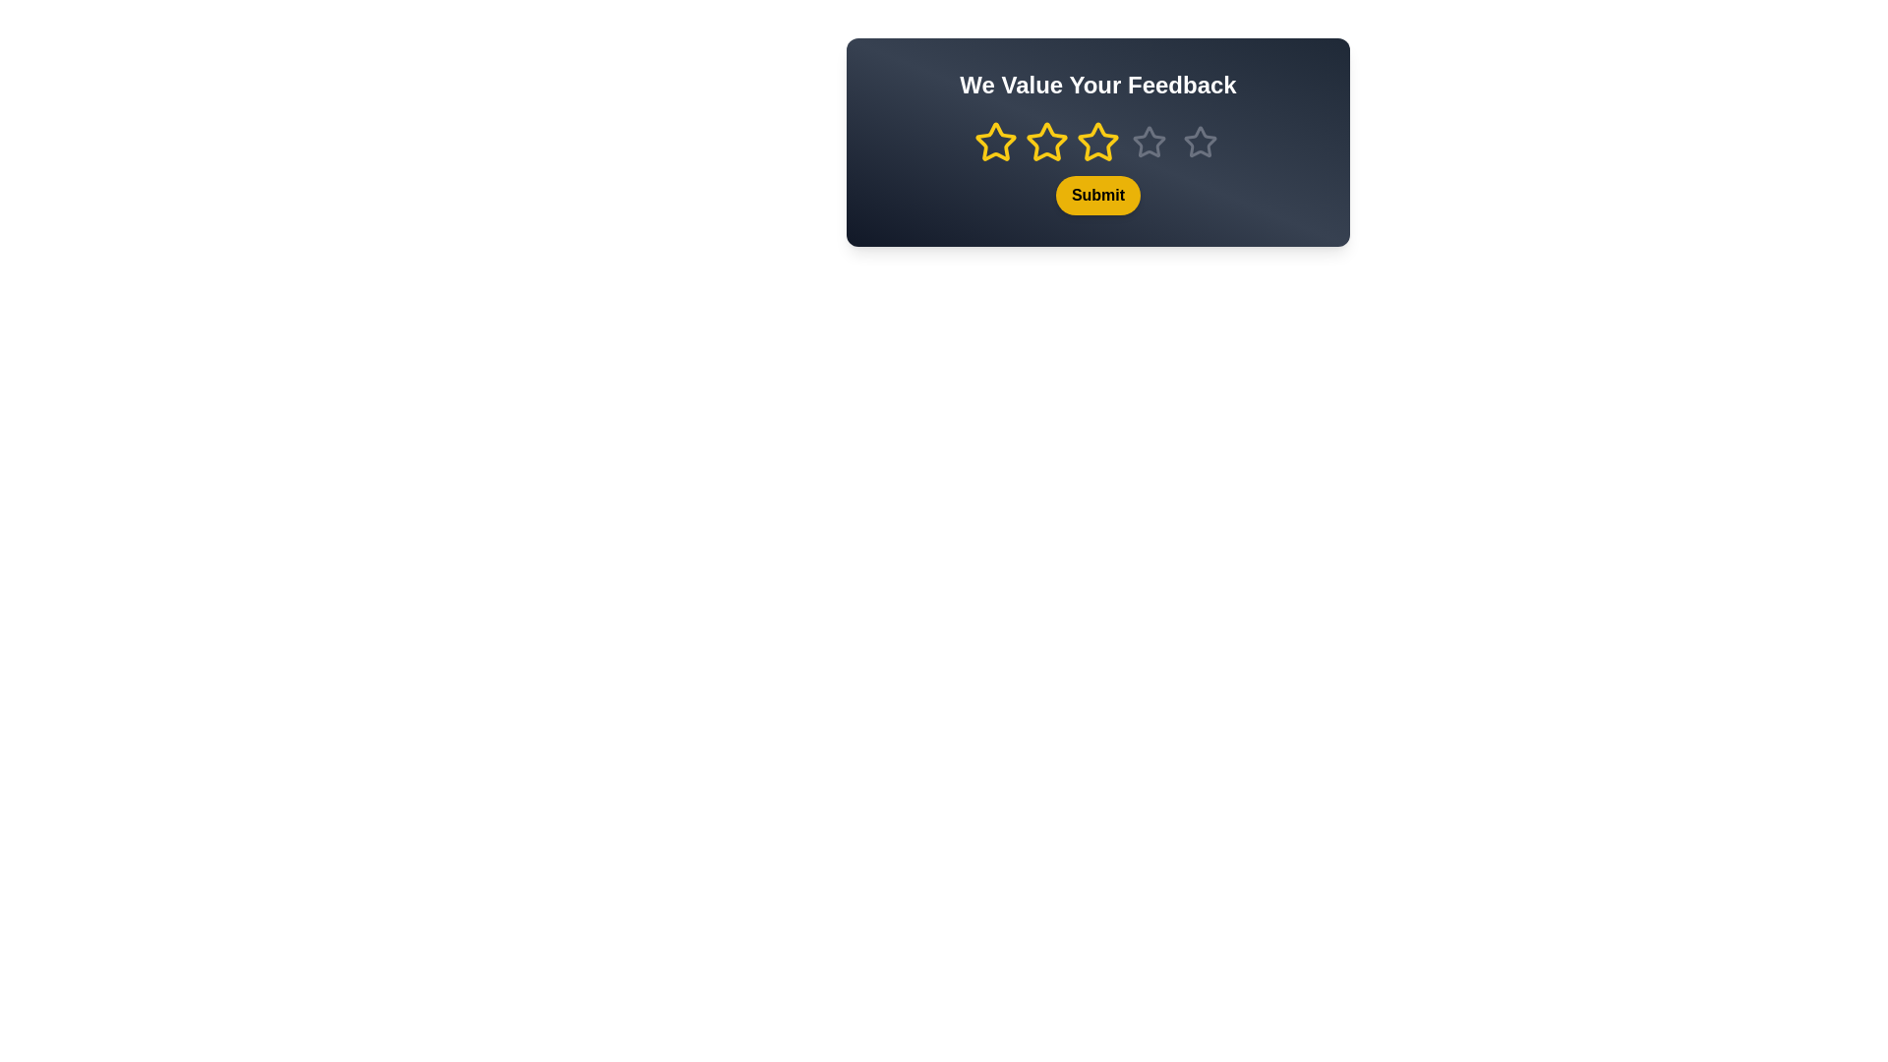 The image size is (1888, 1062). What do you see at coordinates (1150, 142) in the screenshot?
I see `the fourth star icon` at bounding box center [1150, 142].